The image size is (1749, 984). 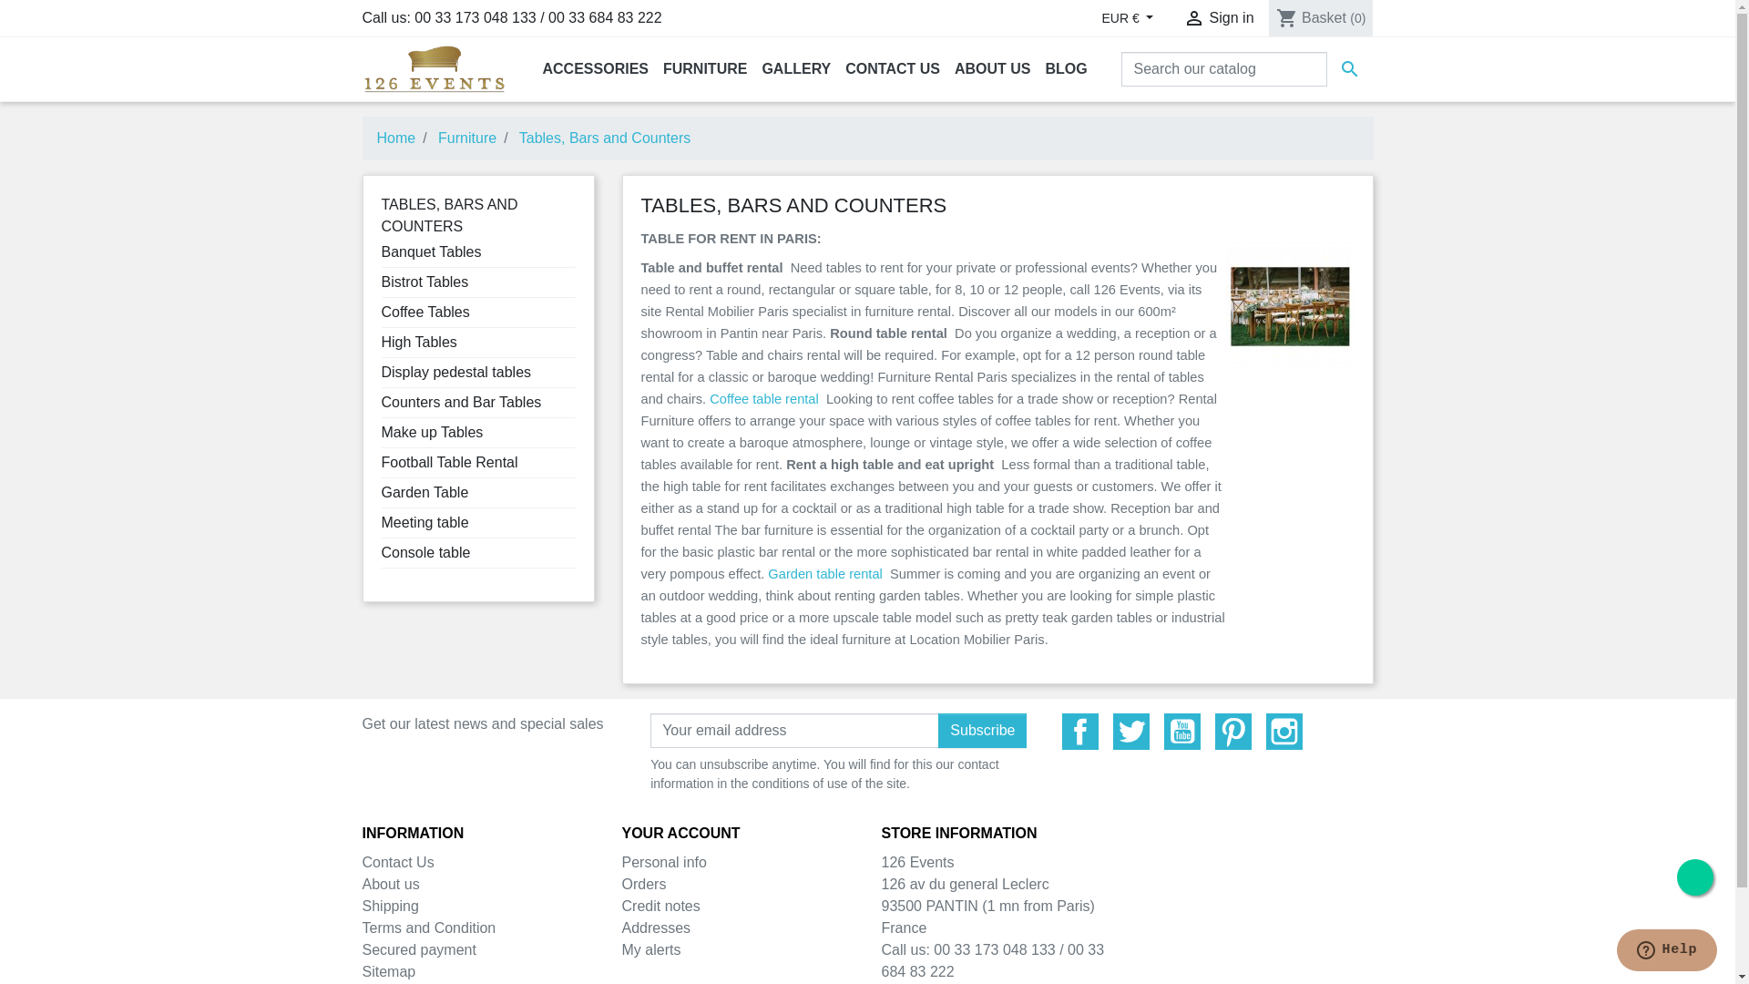 I want to click on 'Football Table Rental', so click(x=449, y=461).